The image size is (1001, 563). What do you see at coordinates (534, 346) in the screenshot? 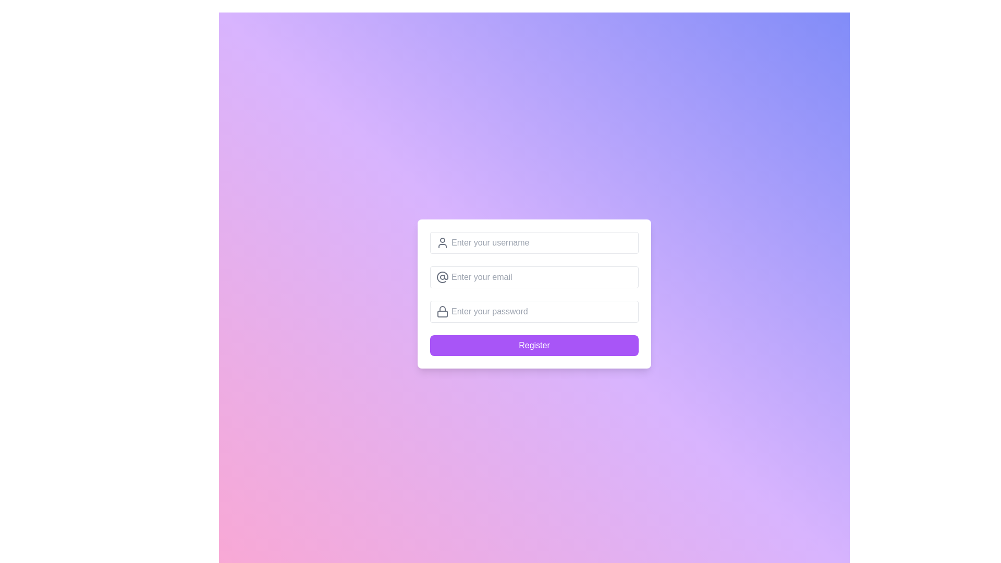
I see `the 'Register' button, which is a rectangular button with rounded corners and a vibrant purple background` at bounding box center [534, 346].